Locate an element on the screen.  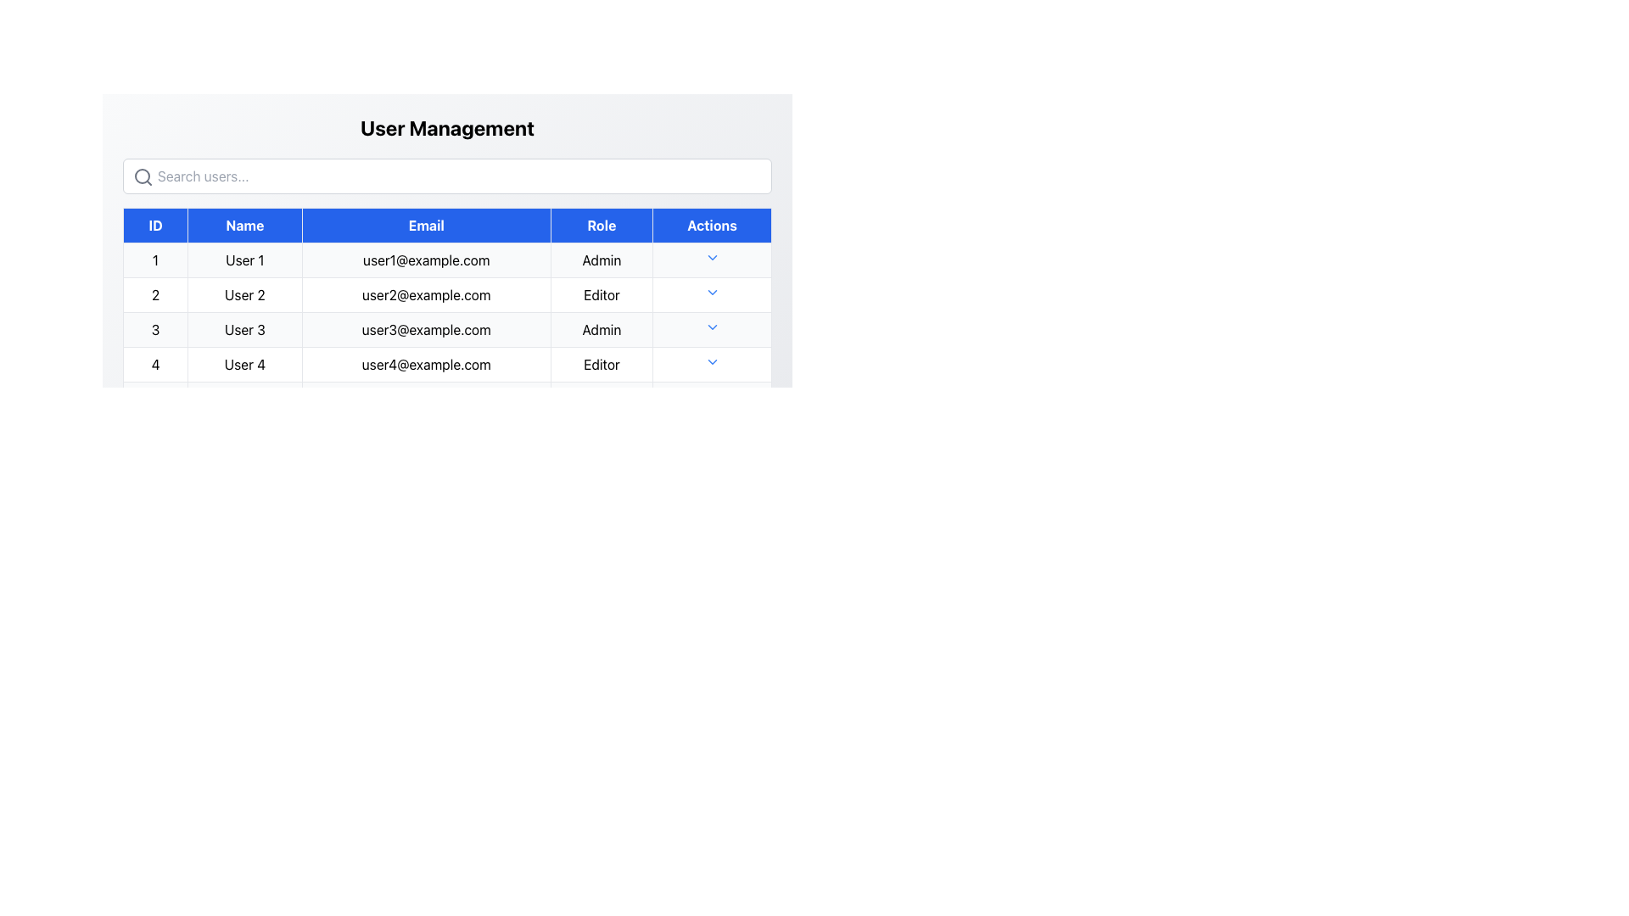
the downward-pointing chevron icon in the Actions column of the first row of the user management table is located at coordinates (712, 258).